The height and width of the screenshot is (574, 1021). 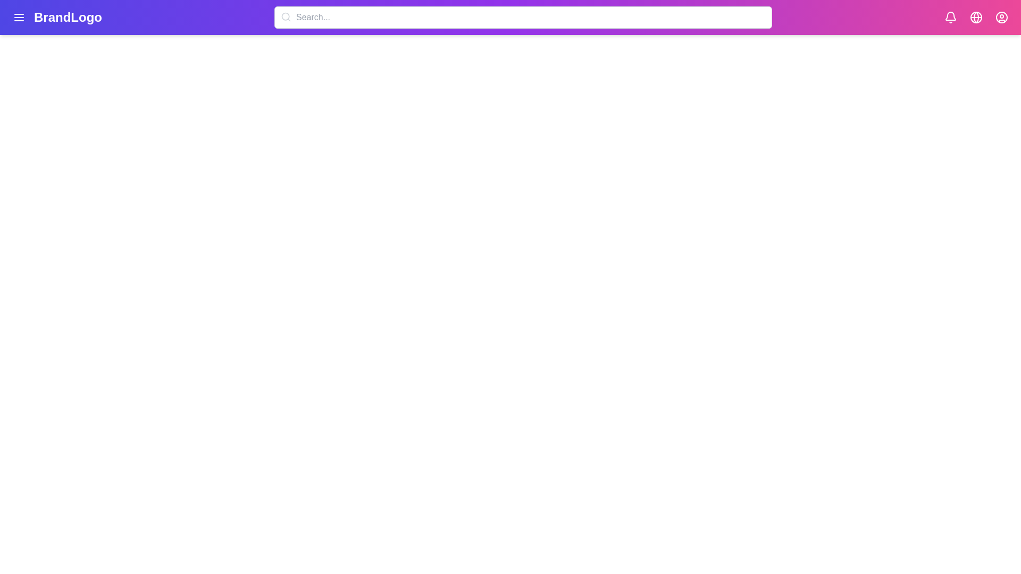 What do you see at coordinates (950, 16) in the screenshot?
I see `the Notification icon, which is a bell-shaped icon located` at bounding box center [950, 16].